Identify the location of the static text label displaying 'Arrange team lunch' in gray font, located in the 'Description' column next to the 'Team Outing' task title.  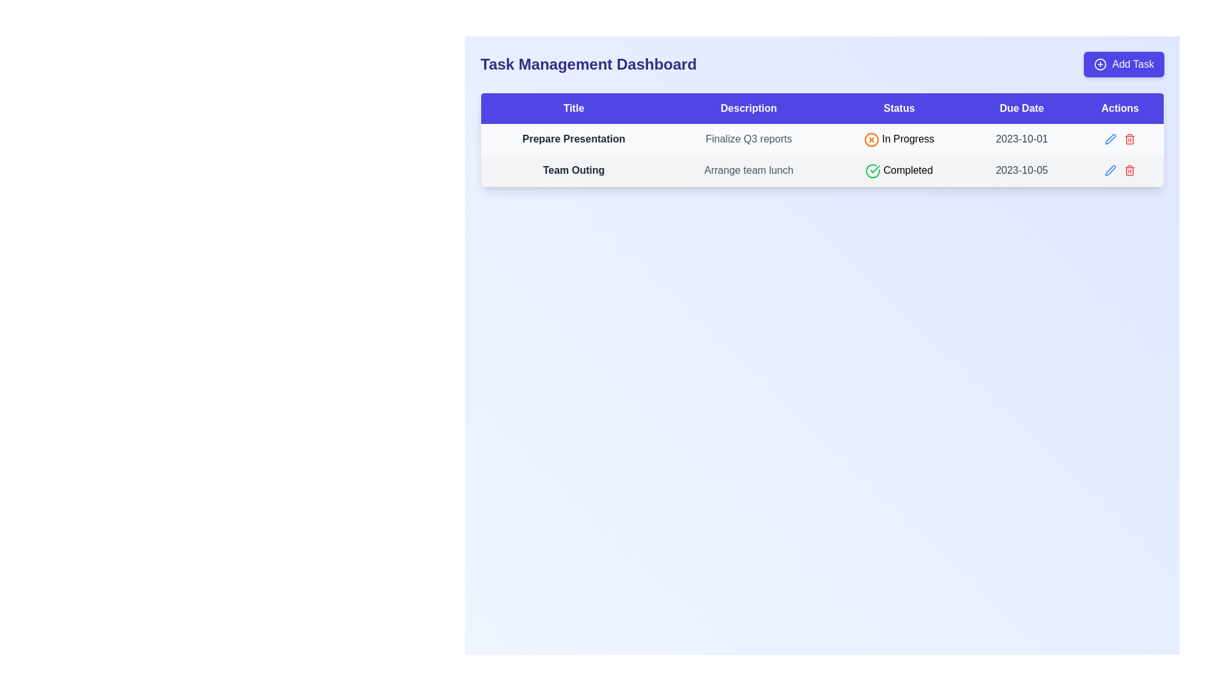
(748, 170).